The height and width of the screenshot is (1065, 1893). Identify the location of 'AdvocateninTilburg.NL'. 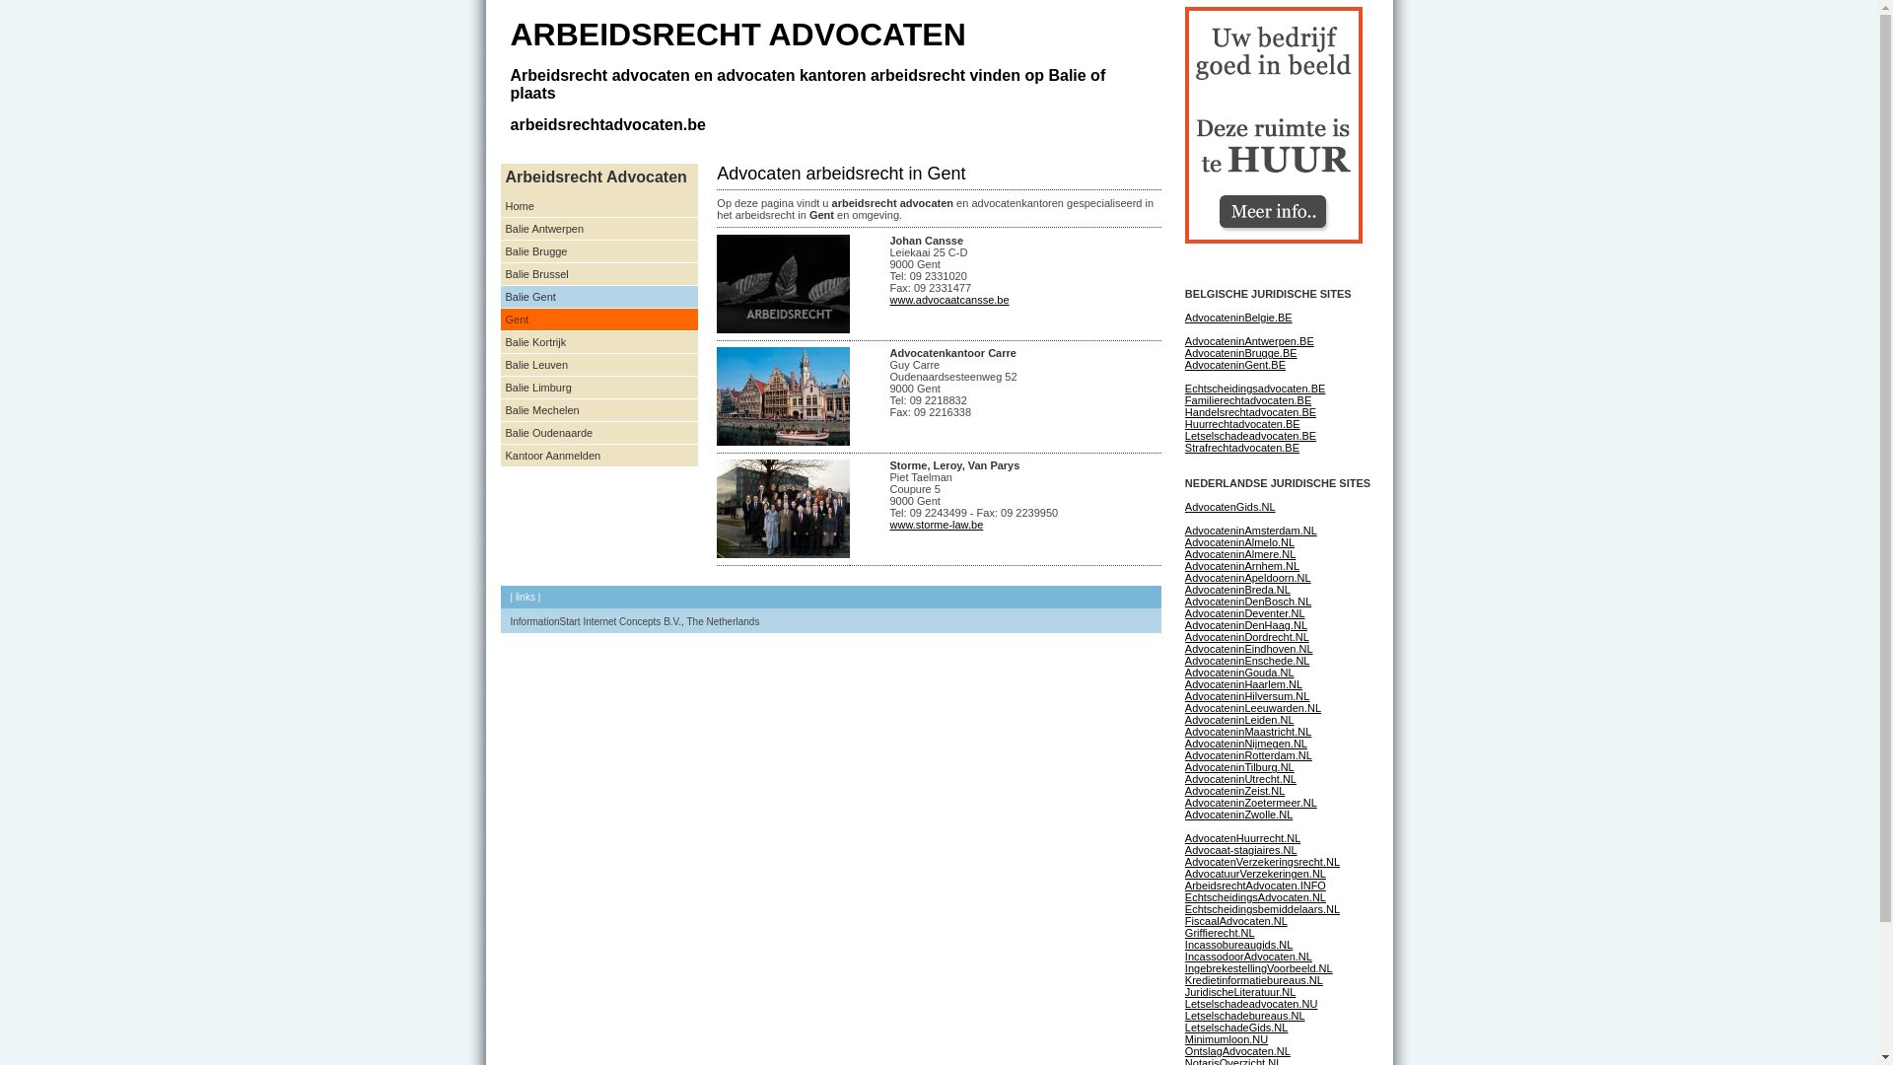
(1238, 766).